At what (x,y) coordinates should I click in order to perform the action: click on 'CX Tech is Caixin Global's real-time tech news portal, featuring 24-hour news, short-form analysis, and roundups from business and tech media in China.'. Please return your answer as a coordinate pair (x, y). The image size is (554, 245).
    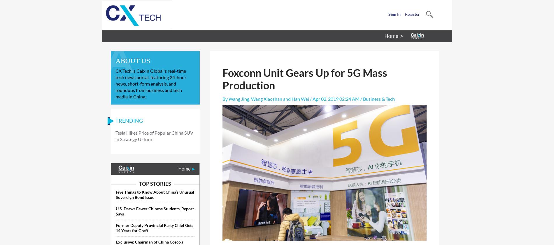
    Looking at the image, I should click on (151, 84).